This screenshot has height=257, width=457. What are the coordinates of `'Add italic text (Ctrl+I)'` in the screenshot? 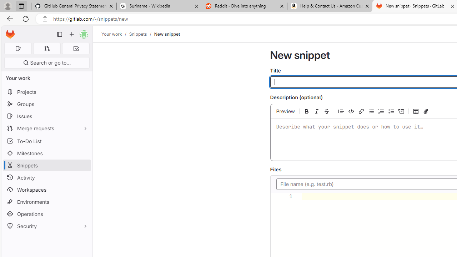 It's located at (316, 111).